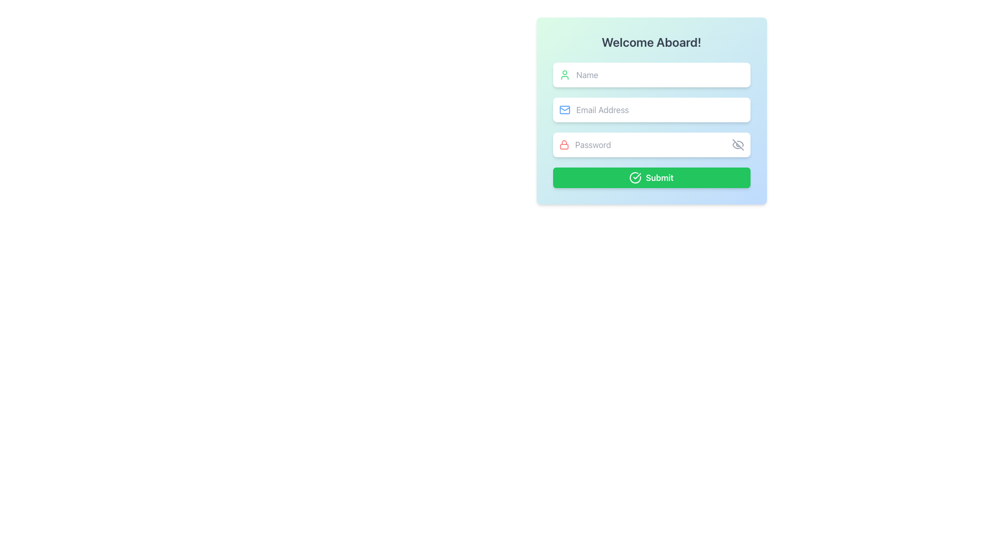 This screenshot has height=555, width=987. I want to click on the envelope icon with a blue outline located beside the 'Email Address' input field, so click(564, 109).